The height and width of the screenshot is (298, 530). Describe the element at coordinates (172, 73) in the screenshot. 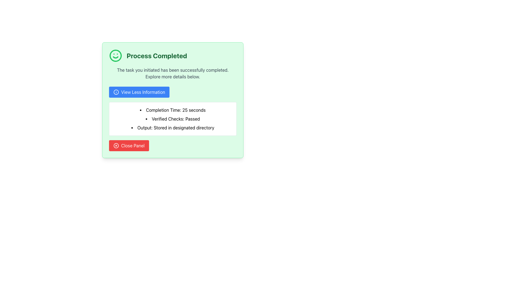

I see `the status message text that indicates the successful completion of a task, located beneath the 'Process Completed' title and above the 'View Less Information' button` at that location.